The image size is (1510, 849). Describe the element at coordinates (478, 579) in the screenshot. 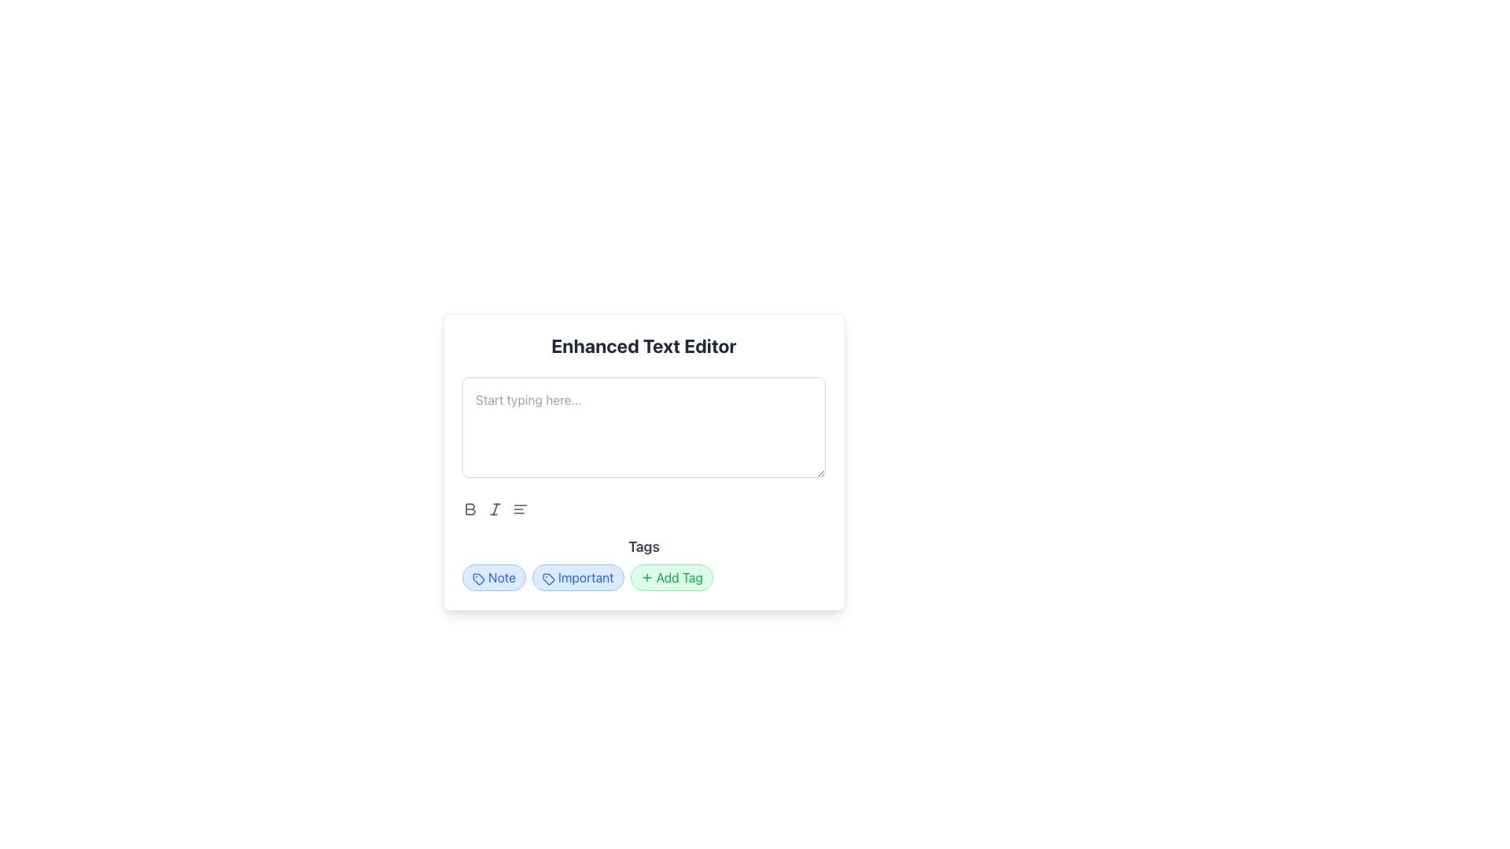

I see `the tag-shaped icon with a soft blue outline located in the 'Tags' section, positioned to the left of other tags like 'Important' and 'Add Tag'` at that location.